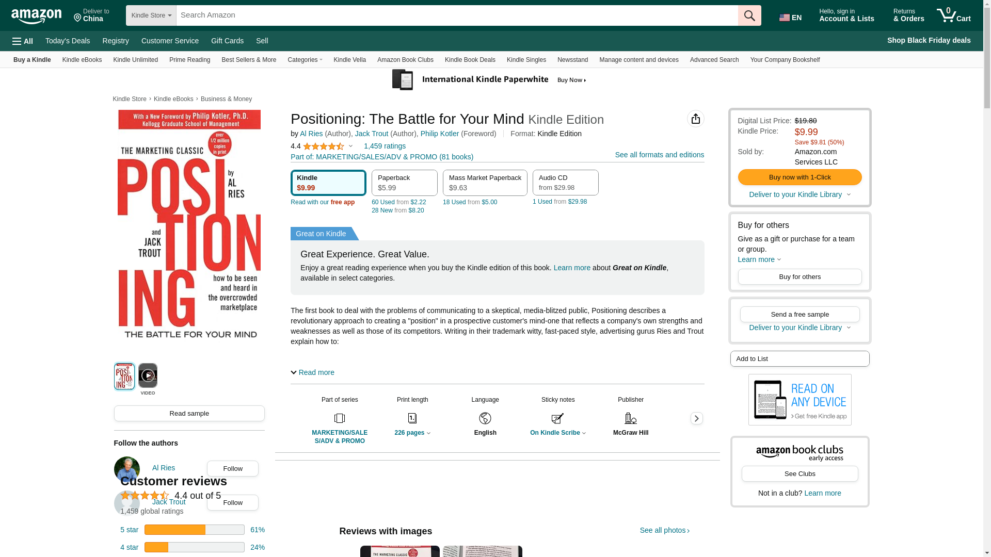  What do you see at coordinates (282, 59) in the screenshot?
I see `'Categories'` at bounding box center [282, 59].